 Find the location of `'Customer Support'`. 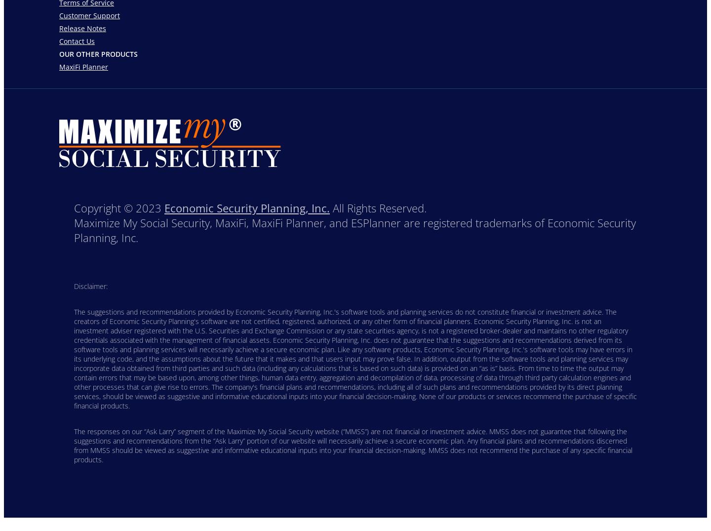

'Customer Support' is located at coordinates (89, 15).